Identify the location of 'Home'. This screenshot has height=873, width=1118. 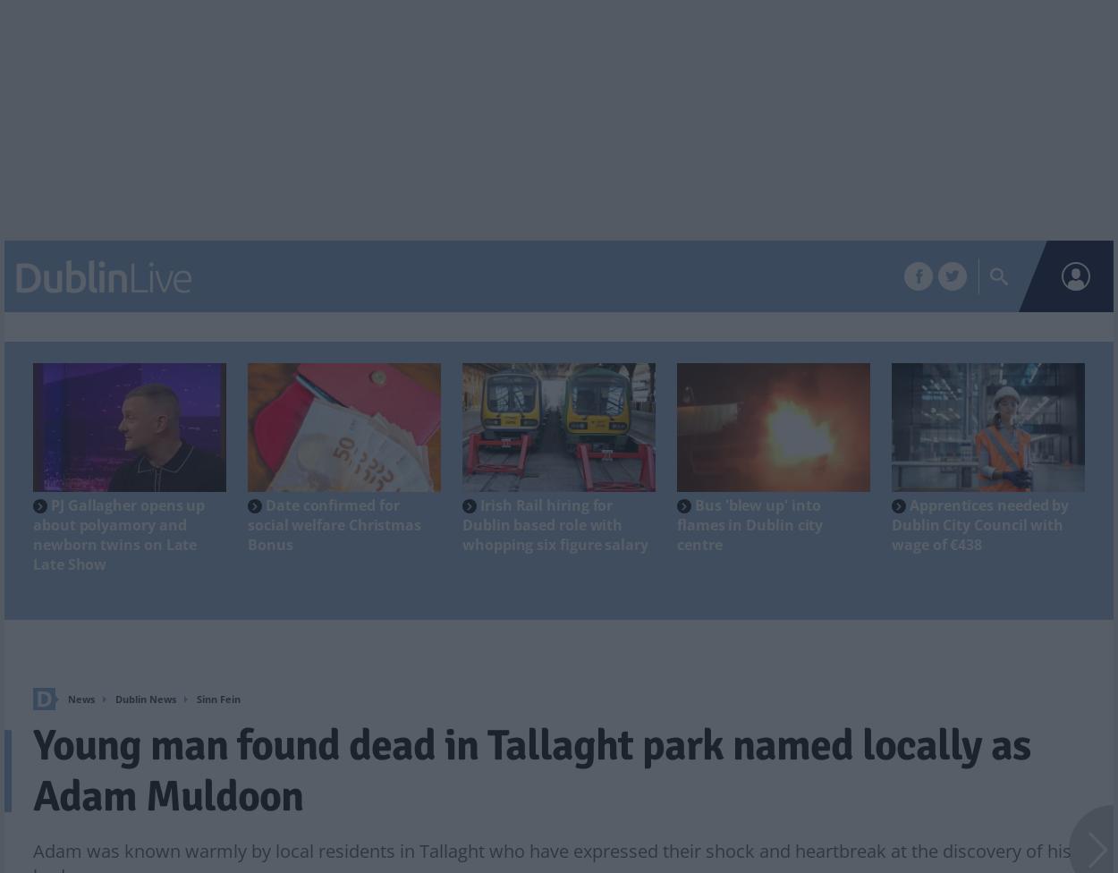
(69, 691).